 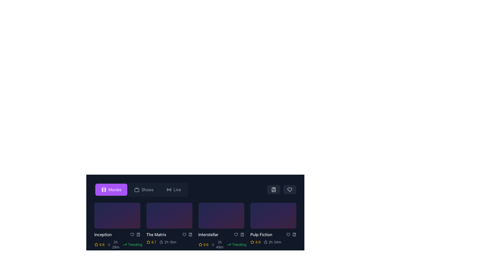 I want to click on the central SVG circle element of the stopwatch/timer icon located in the top-right corner of the interface, so click(x=161, y=242).